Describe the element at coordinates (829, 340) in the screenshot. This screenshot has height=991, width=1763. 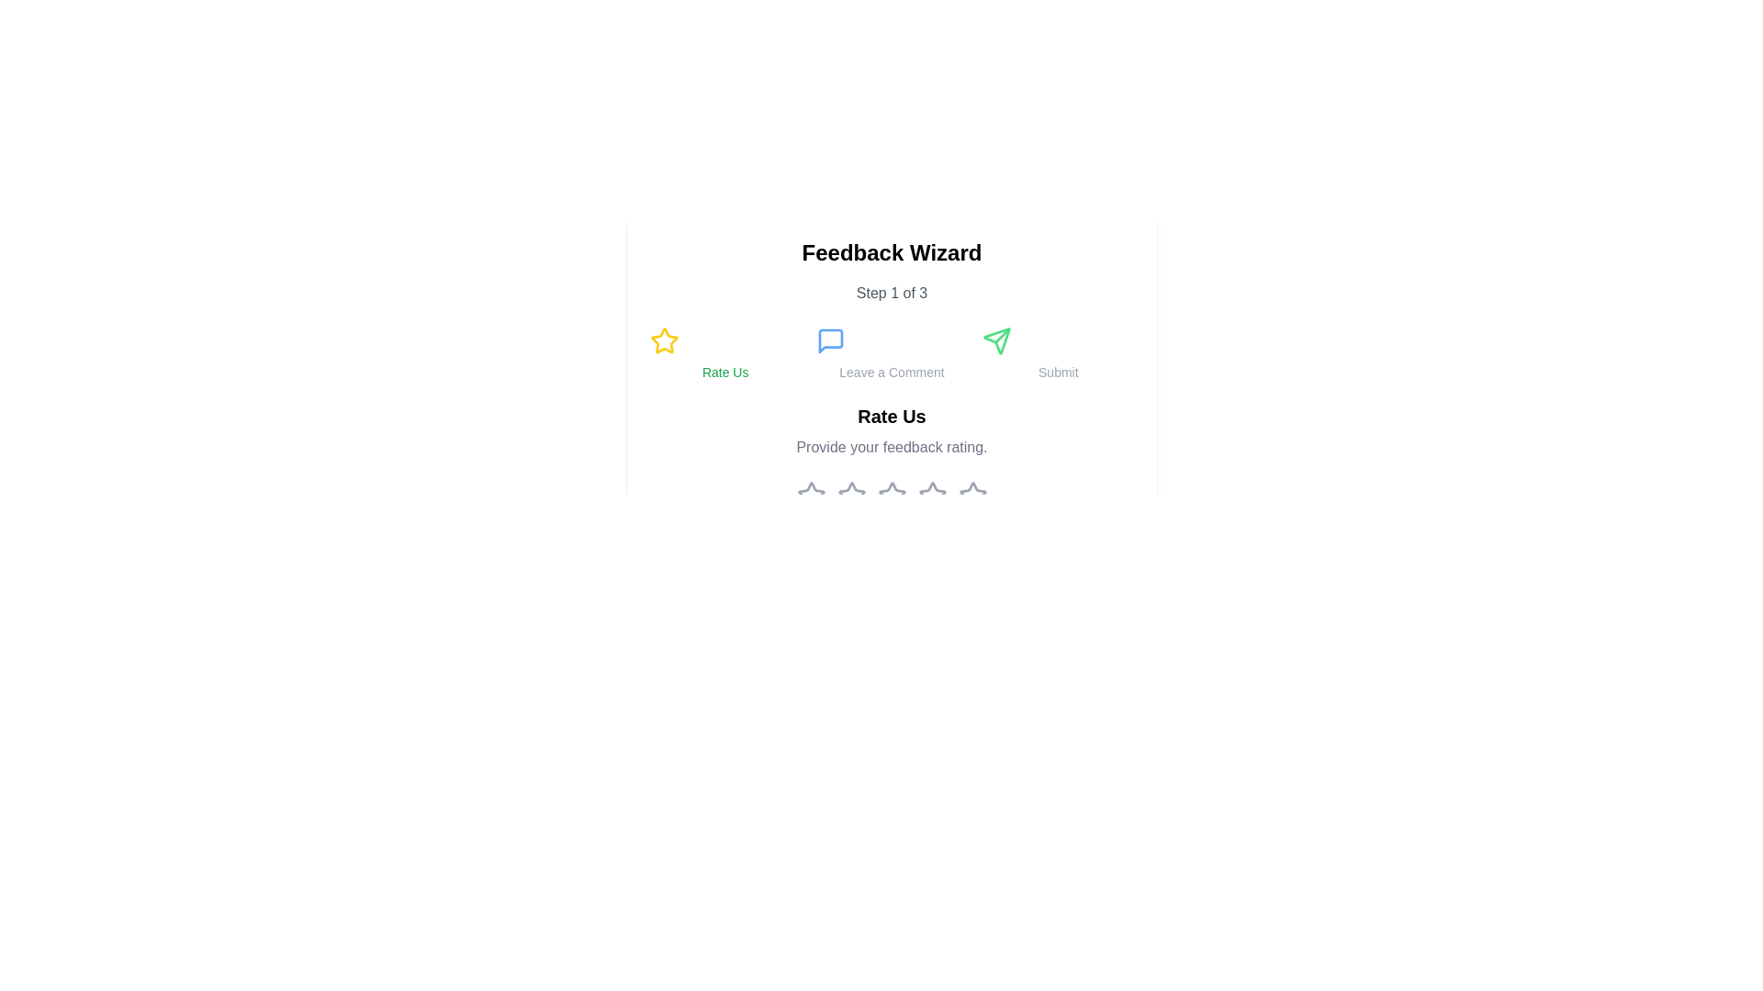
I see `the blue speech bubble icon located in the feedback wizard interface, which is part of the 'Leave a Comment' section` at that location.